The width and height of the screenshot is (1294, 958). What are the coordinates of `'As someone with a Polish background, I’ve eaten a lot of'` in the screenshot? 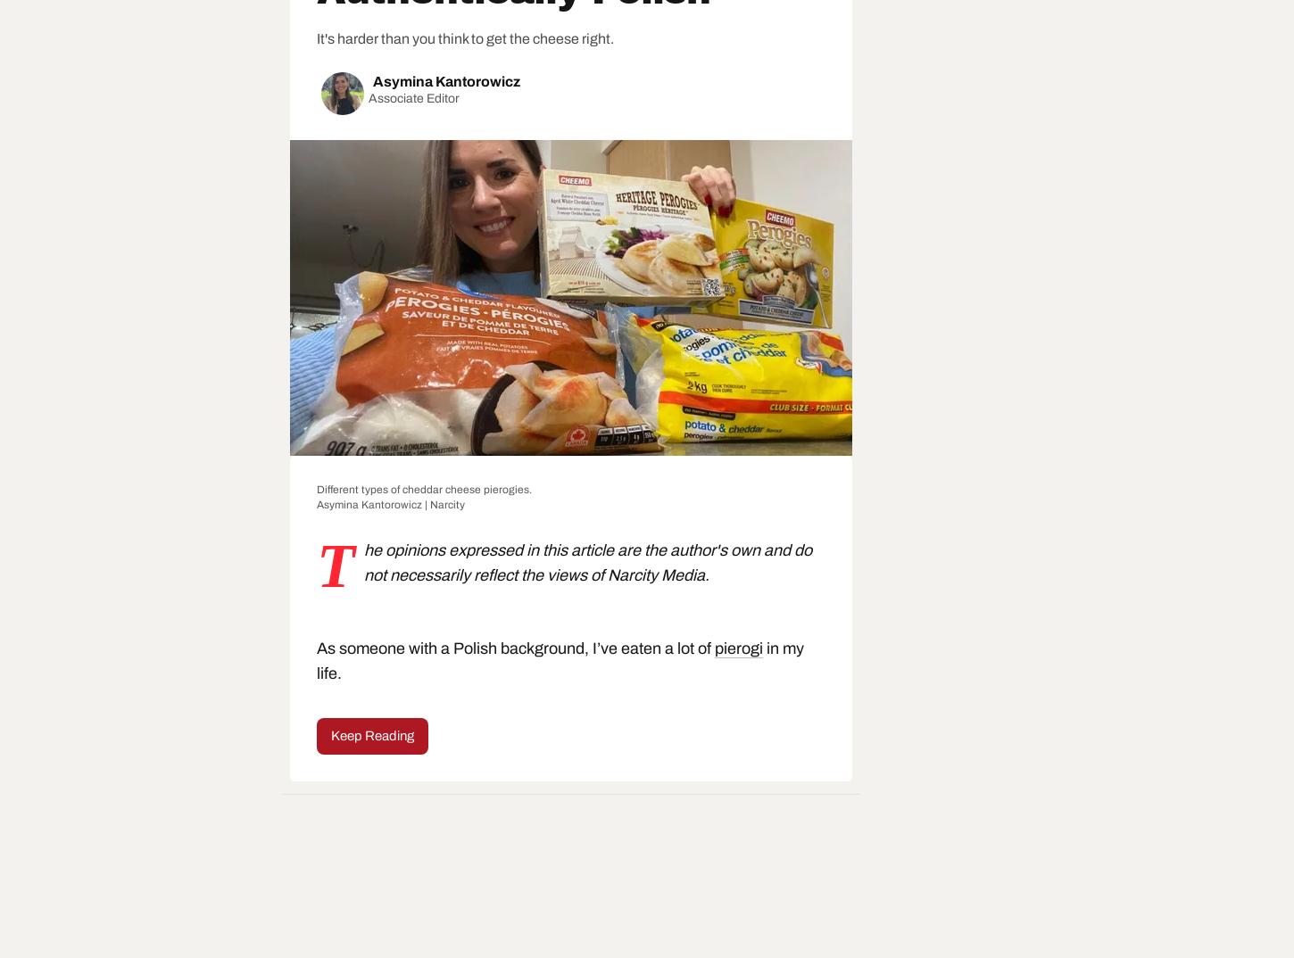 It's located at (515, 648).